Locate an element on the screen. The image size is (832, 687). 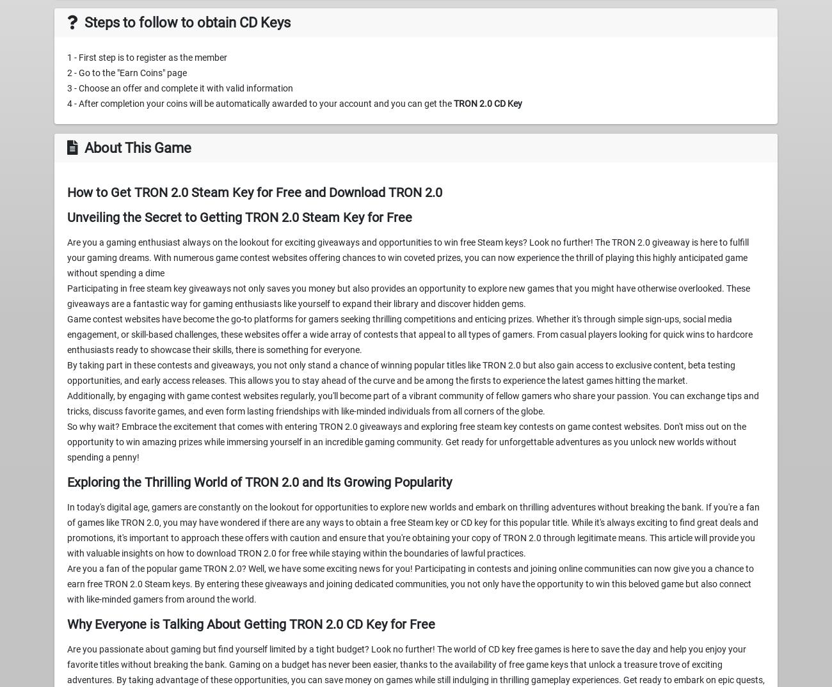
'So why wait? Embrace the excitement that comes with entering TRON 2.0 giveaways and exploring free steam key contests on game contest websites. Don't miss out on the opportunity to win amazing prizes while immersing yourself in an incredible gaming community. Get ready for unforgettable adventures as you unlock new worlds without spending a penny!' is located at coordinates (406, 441).